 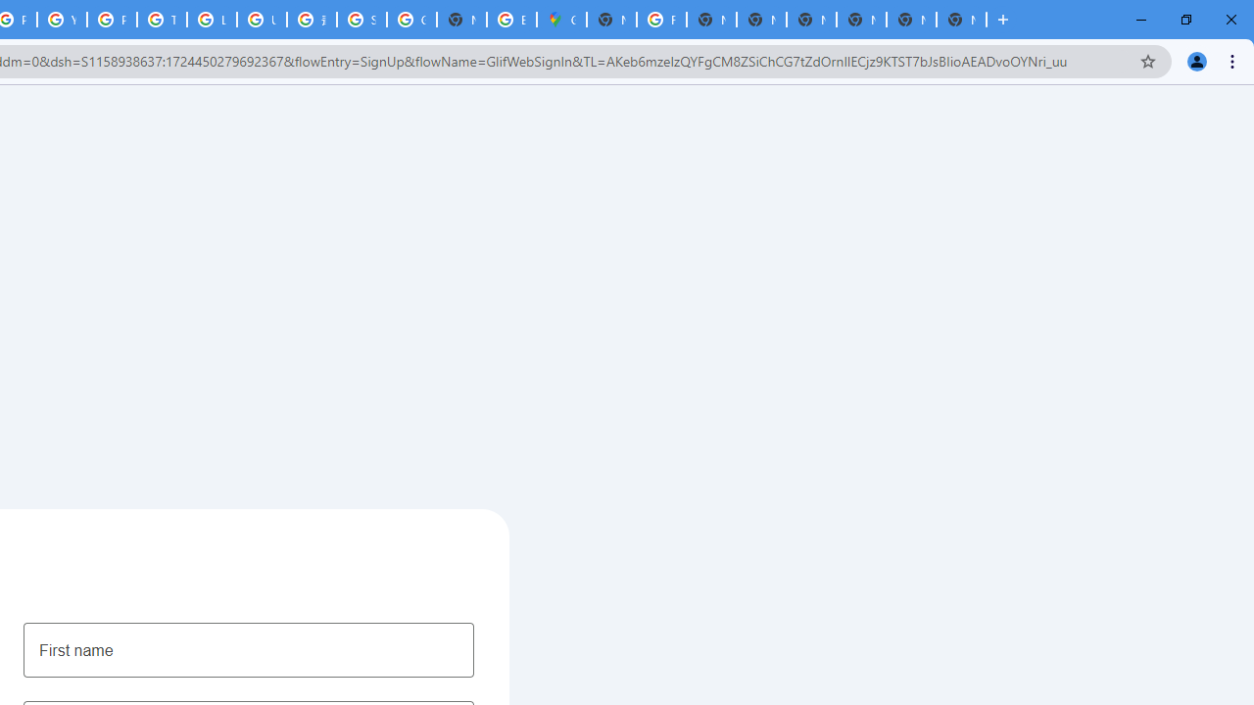 I want to click on 'Tips & tricks for Chrome - Google Chrome Help', so click(x=162, y=20).